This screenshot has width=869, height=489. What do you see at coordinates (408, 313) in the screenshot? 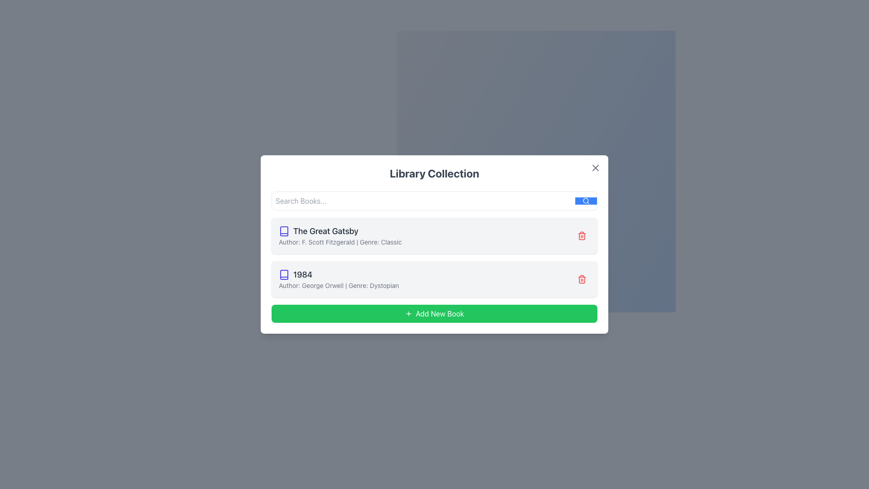
I see `the plus sign icon within the 'Add New Book' button, which has a green background and white text, located at the bottom of the modal dialog` at bounding box center [408, 313].